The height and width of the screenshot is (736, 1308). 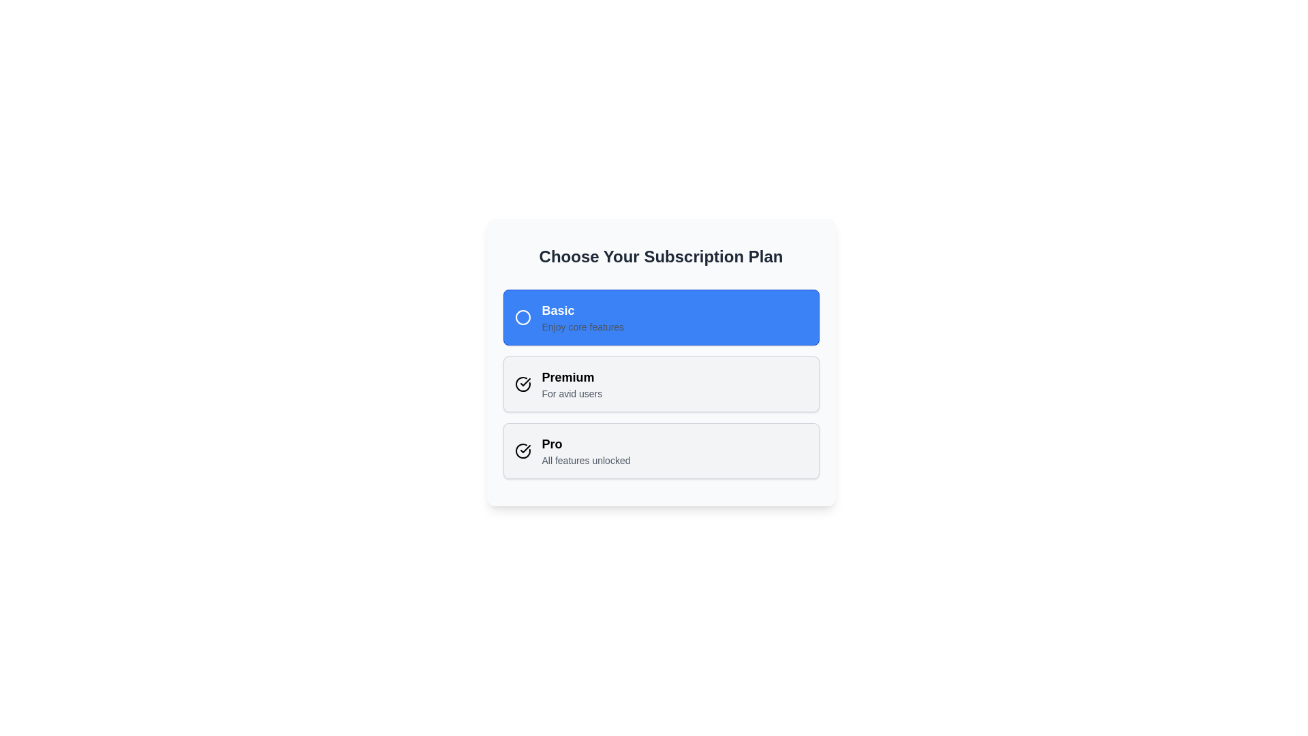 What do you see at coordinates (572, 394) in the screenshot?
I see `the text label providing a secondary description for the 'Premium' subscription plan, which is located under the 'Premium' label in the subscription plan selection layout` at bounding box center [572, 394].